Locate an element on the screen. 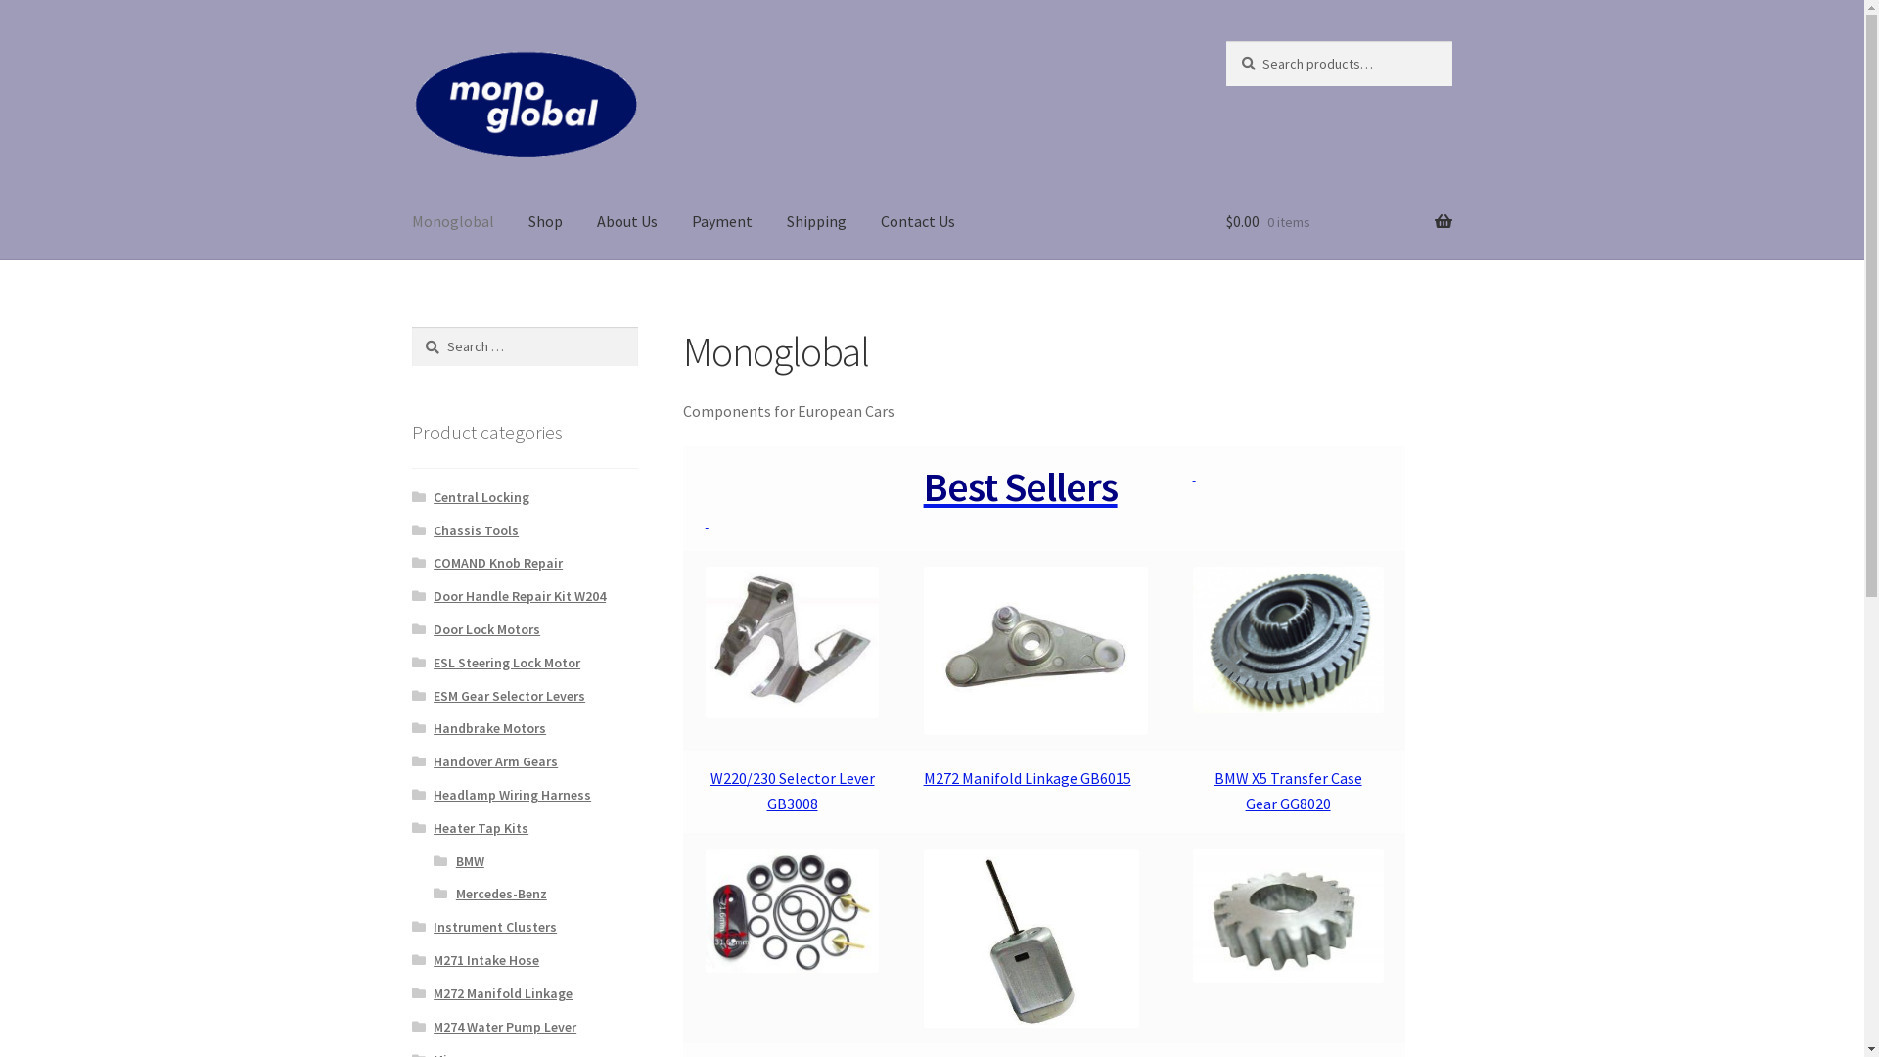  'Mercedes-Benz' is located at coordinates (454, 894).